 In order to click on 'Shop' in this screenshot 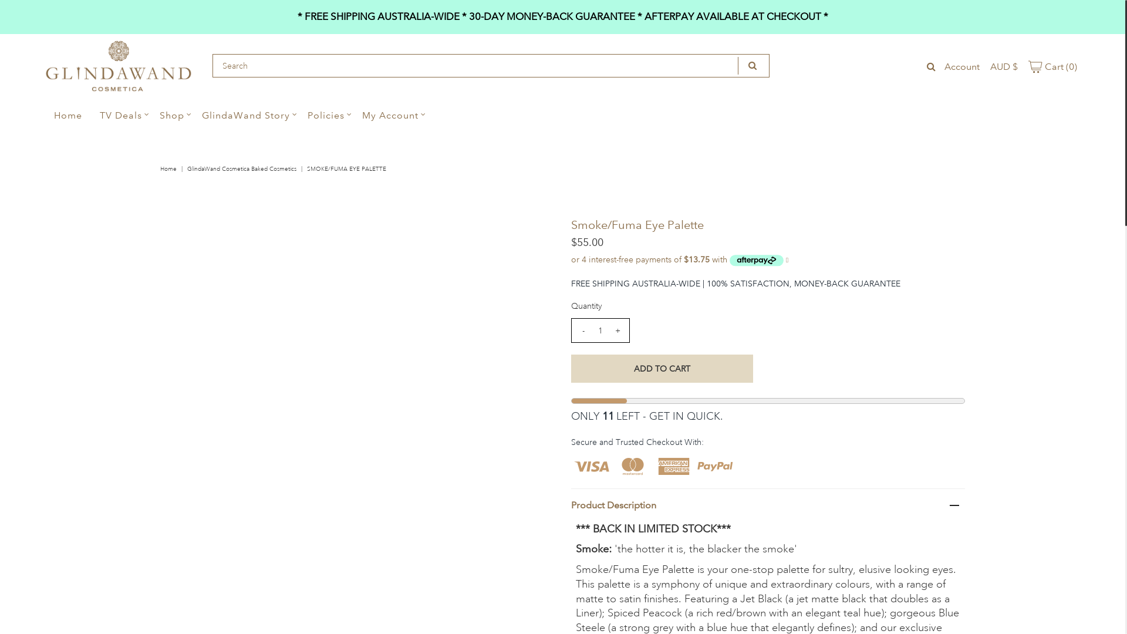, I will do `click(171, 115)`.